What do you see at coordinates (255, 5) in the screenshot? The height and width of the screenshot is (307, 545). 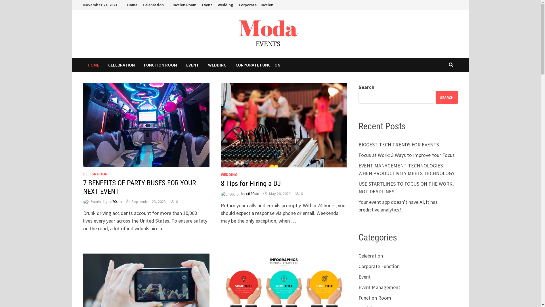 I see `'Corporate Function'` at bounding box center [255, 5].